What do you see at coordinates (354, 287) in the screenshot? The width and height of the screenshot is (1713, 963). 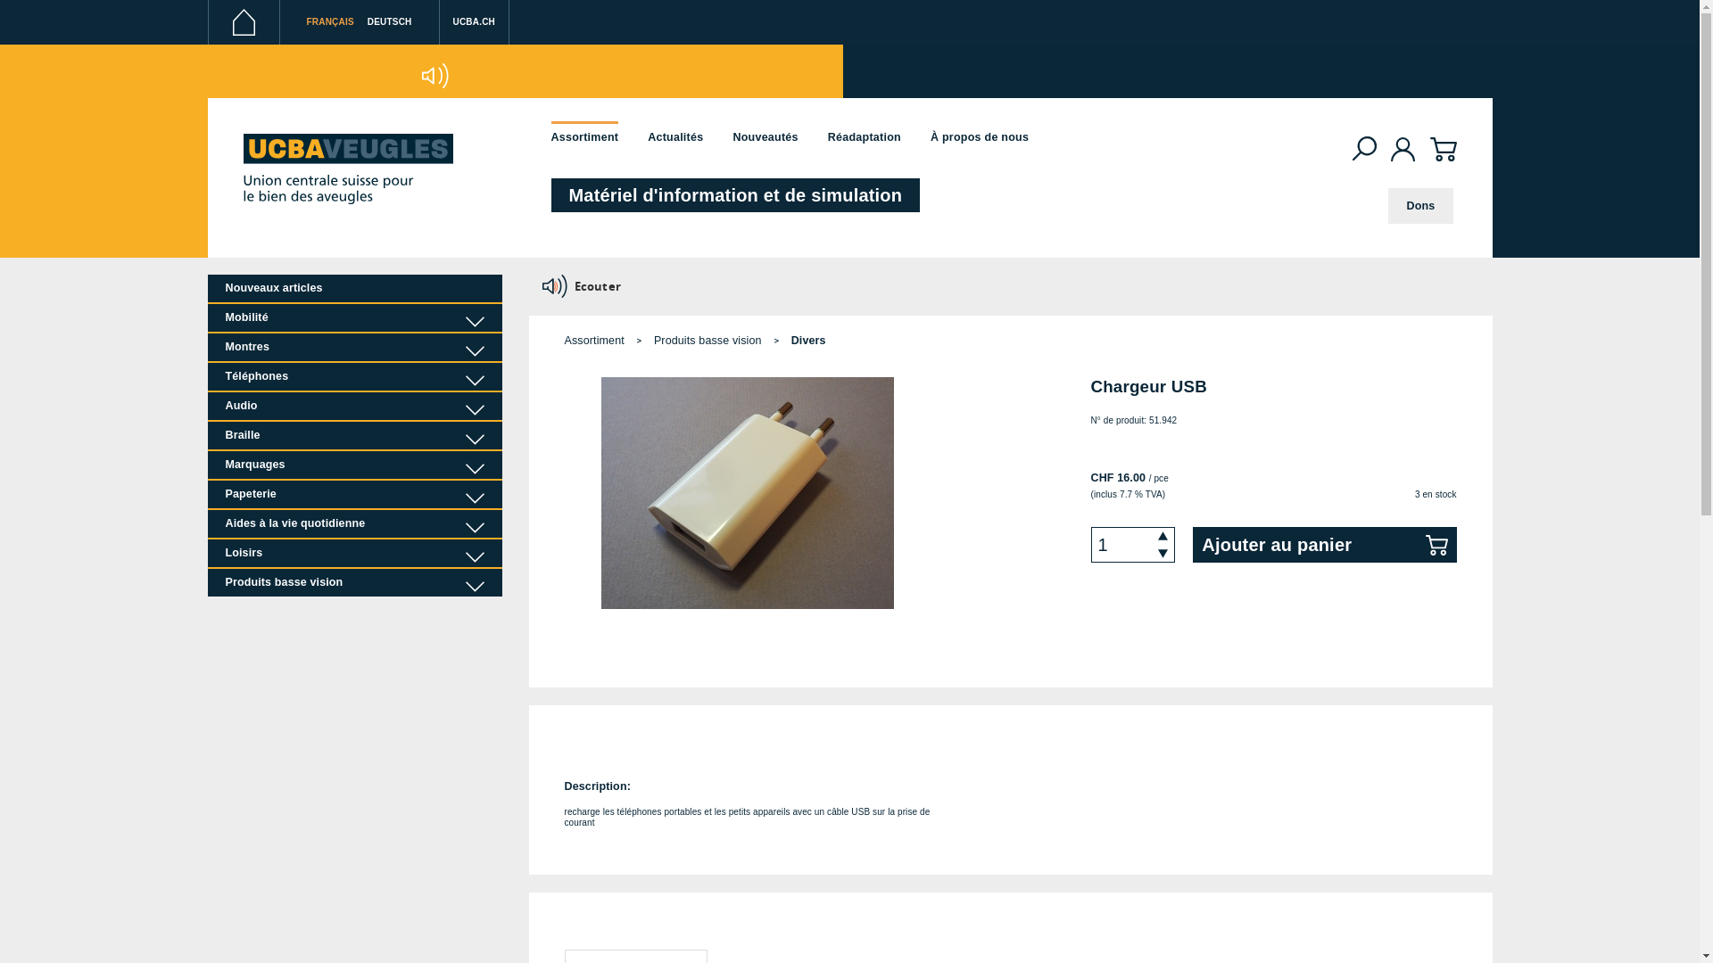 I see `'Nouveaux articles'` at bounding box center [354, 287].